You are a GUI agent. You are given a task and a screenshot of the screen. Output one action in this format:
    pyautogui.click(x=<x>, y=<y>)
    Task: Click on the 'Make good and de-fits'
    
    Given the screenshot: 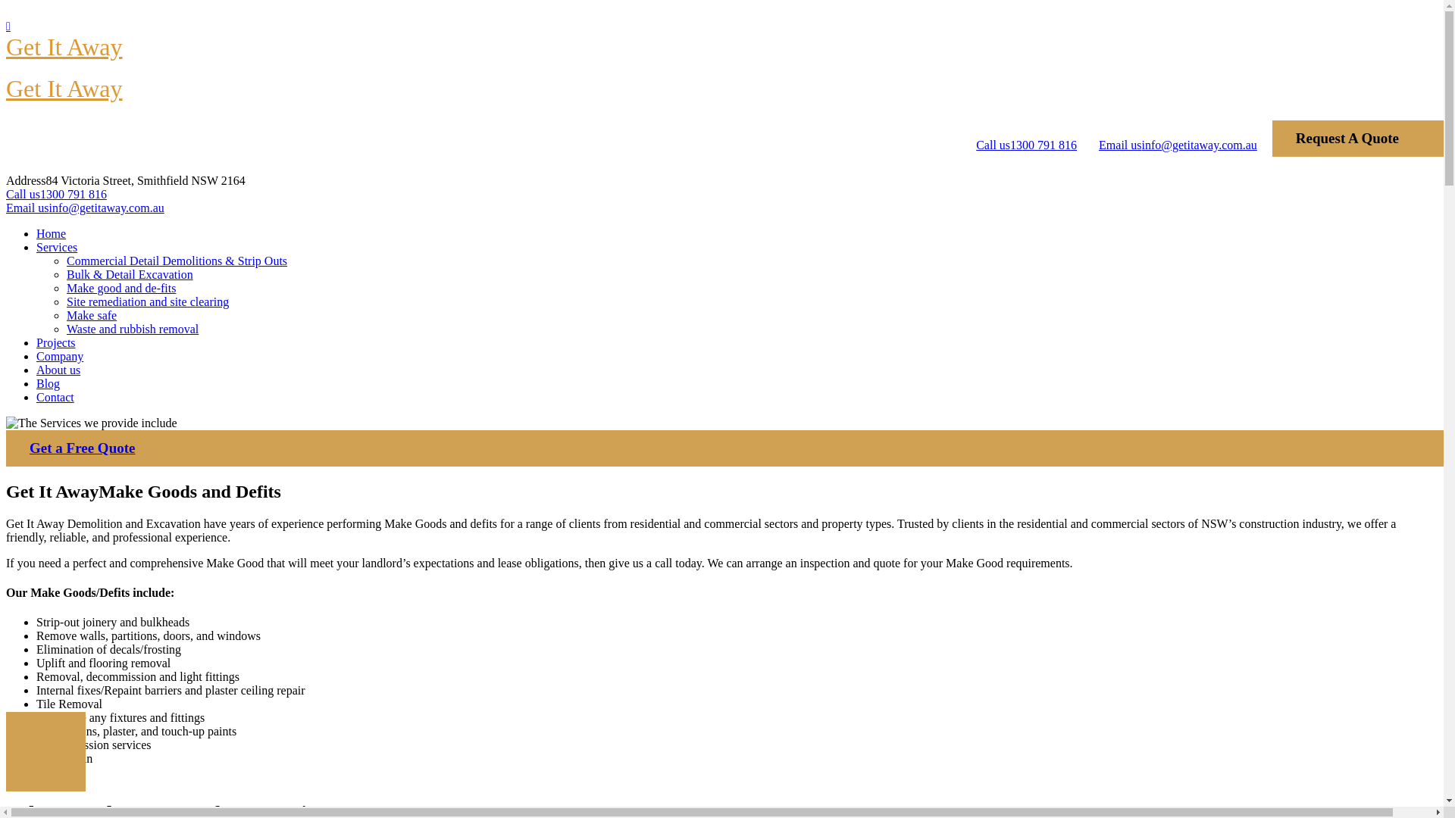 What is the action you would take?
    pyautogui.click(x=120, y=288)
    